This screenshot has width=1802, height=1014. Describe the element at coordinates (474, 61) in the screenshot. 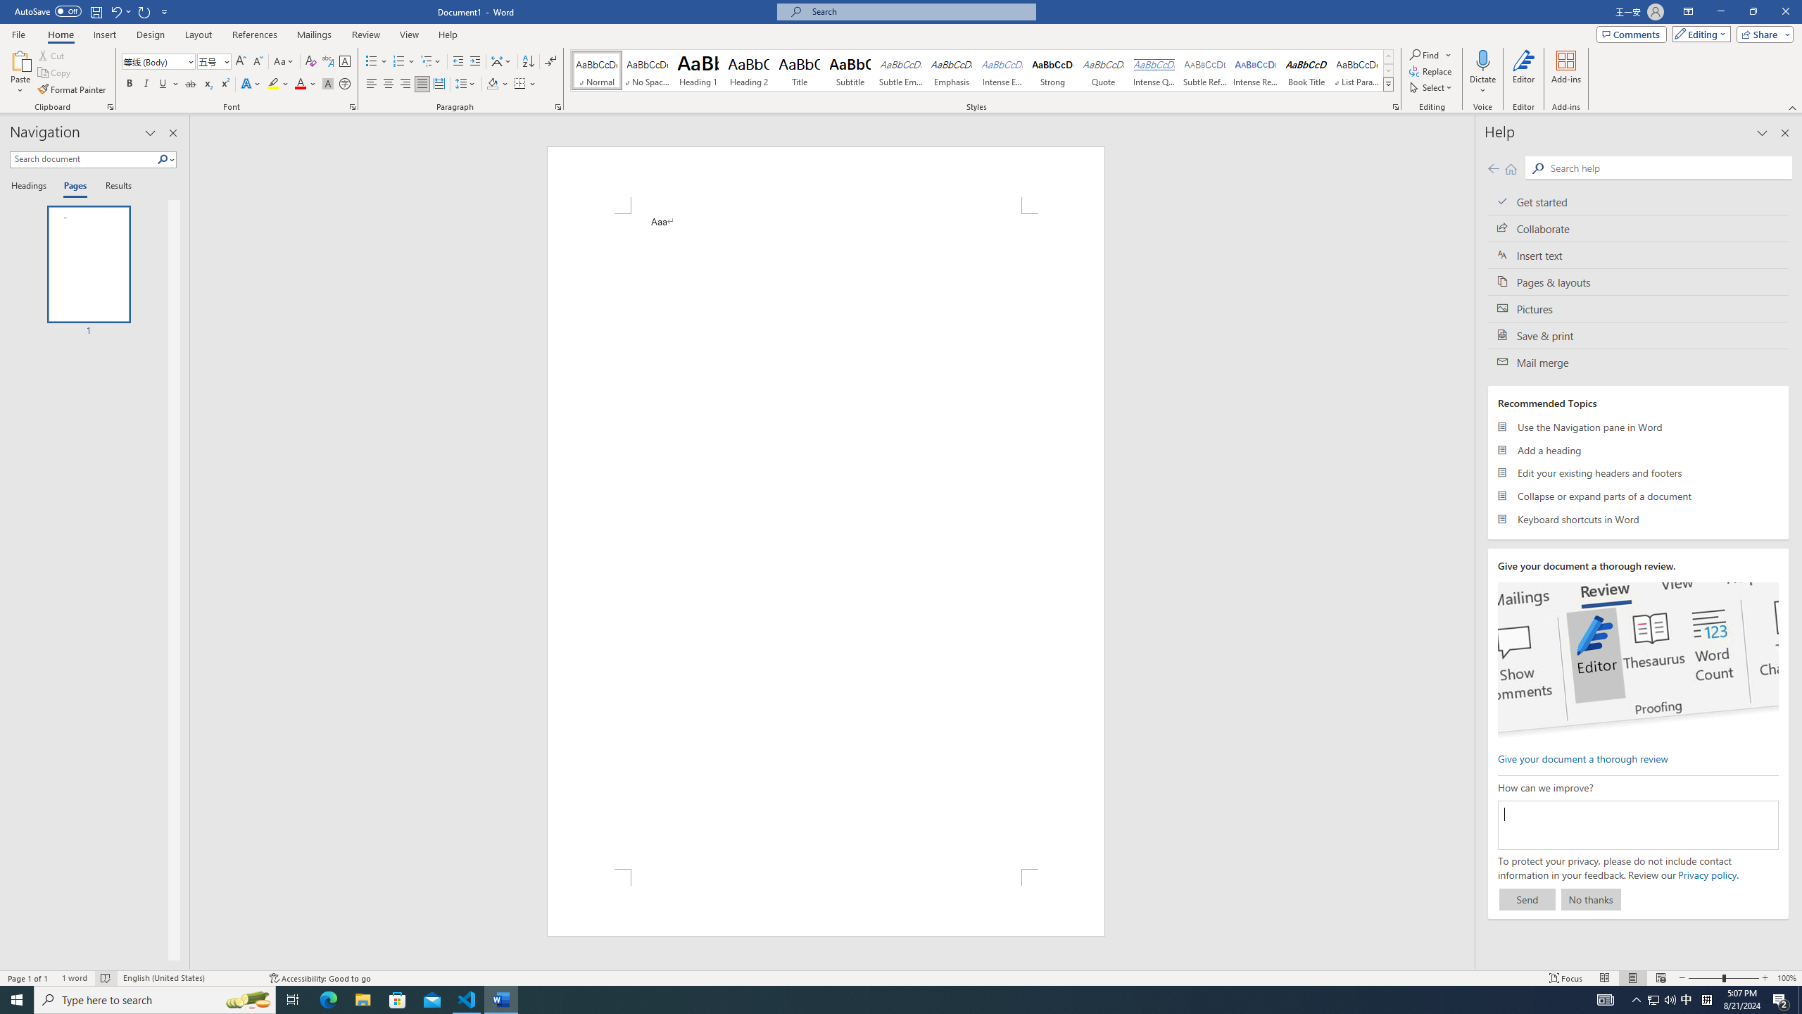

I see `'Increase Indent'` at that location.